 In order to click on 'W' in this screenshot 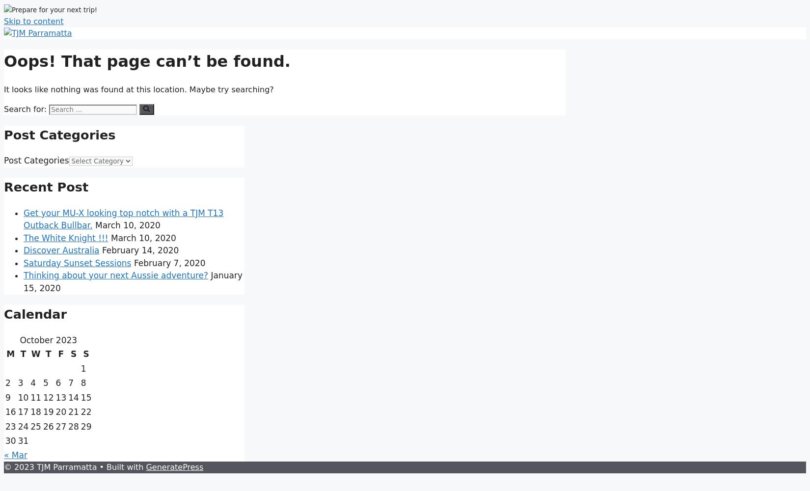, I will do `click(35, 354)`.